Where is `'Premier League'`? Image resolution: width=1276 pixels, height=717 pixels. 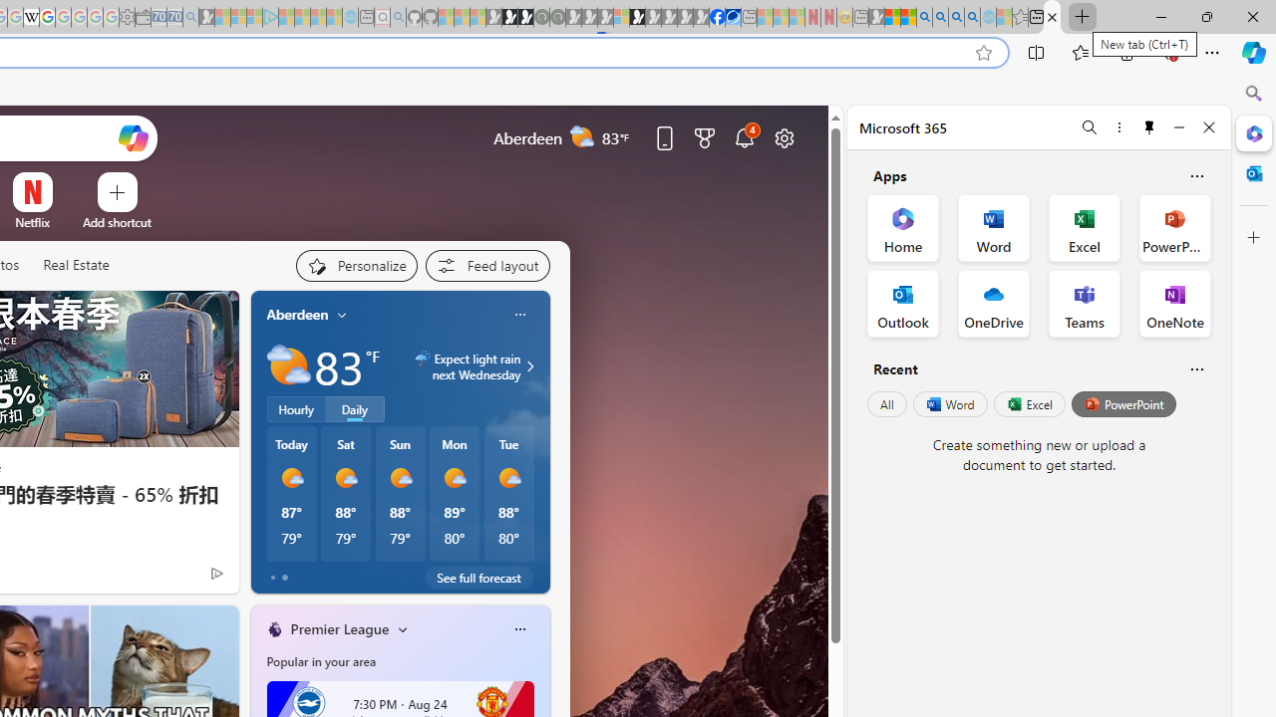 'Premier League' is located at coordinates (339, 628).